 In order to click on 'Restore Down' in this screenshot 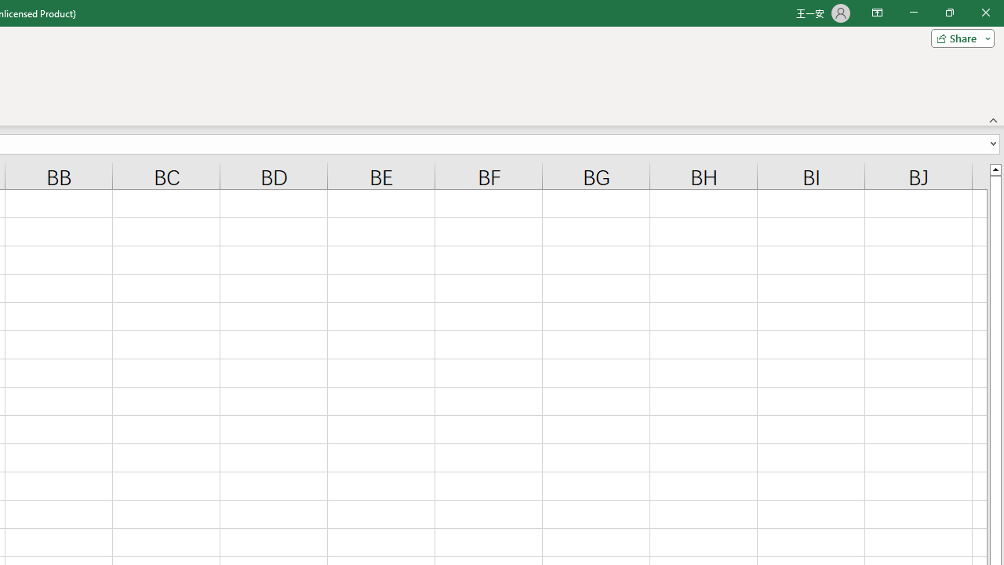, I will do `click(948, 13)`.